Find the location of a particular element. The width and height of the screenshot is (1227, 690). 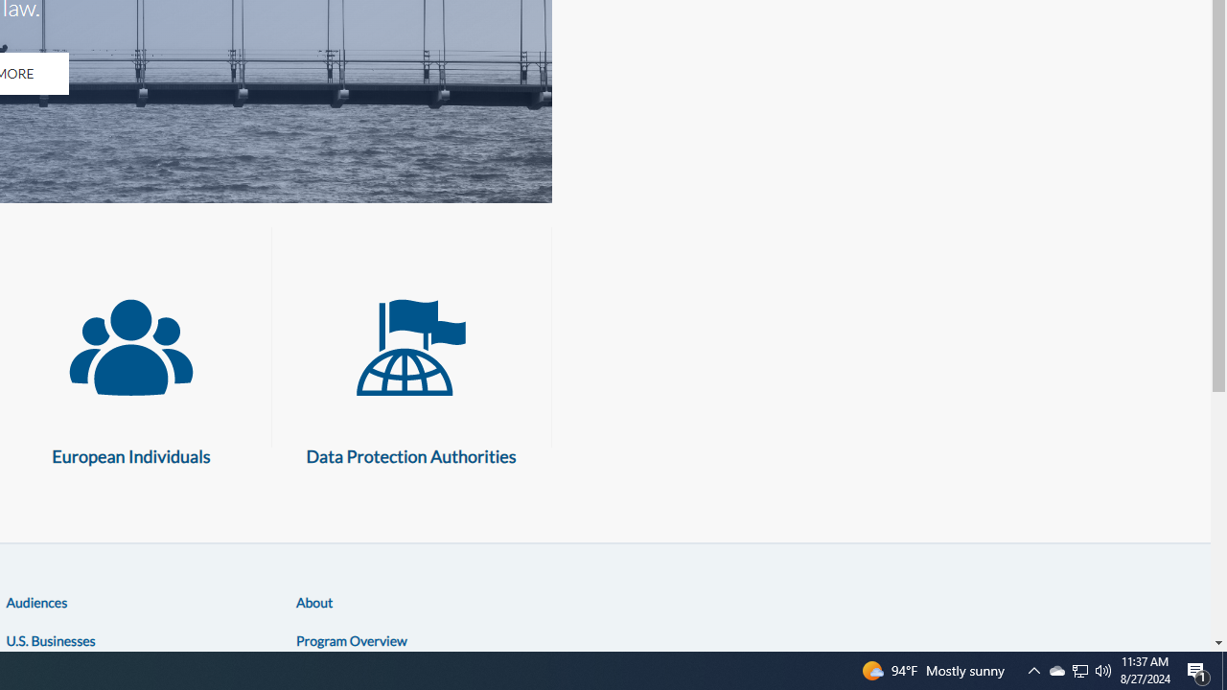

'Program Overview' is located at coordinates (351, 639).